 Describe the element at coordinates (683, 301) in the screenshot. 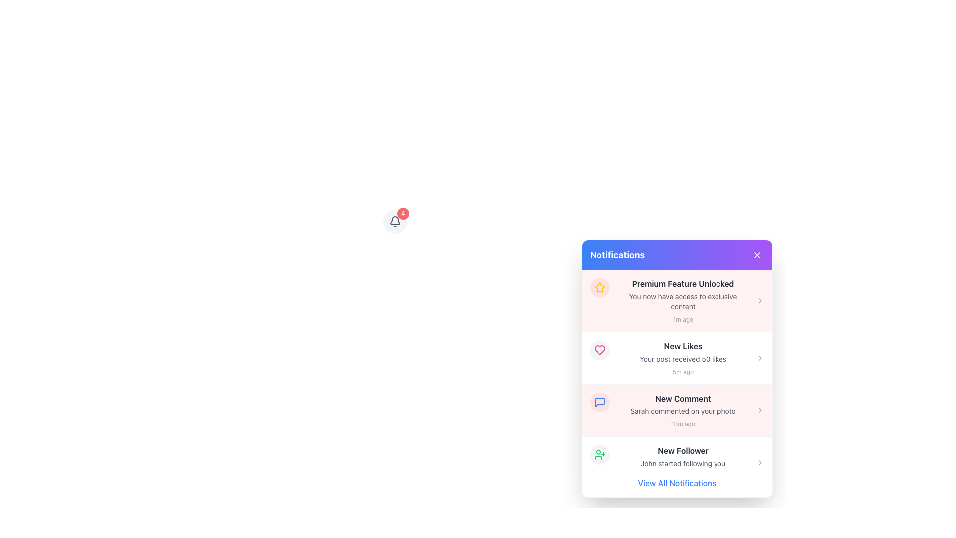

I see `the text label that reads 'You now have access to exclusive content.' located below the headline 'Premium Feature Unlocked' in the topmost notification item` at that location.